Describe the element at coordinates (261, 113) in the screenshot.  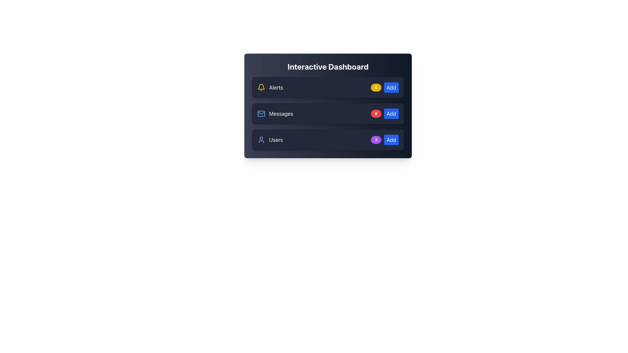
I see `the rectangular base of the envelope icon in the 'Messages' row, which represents email or message functionality` at that location.